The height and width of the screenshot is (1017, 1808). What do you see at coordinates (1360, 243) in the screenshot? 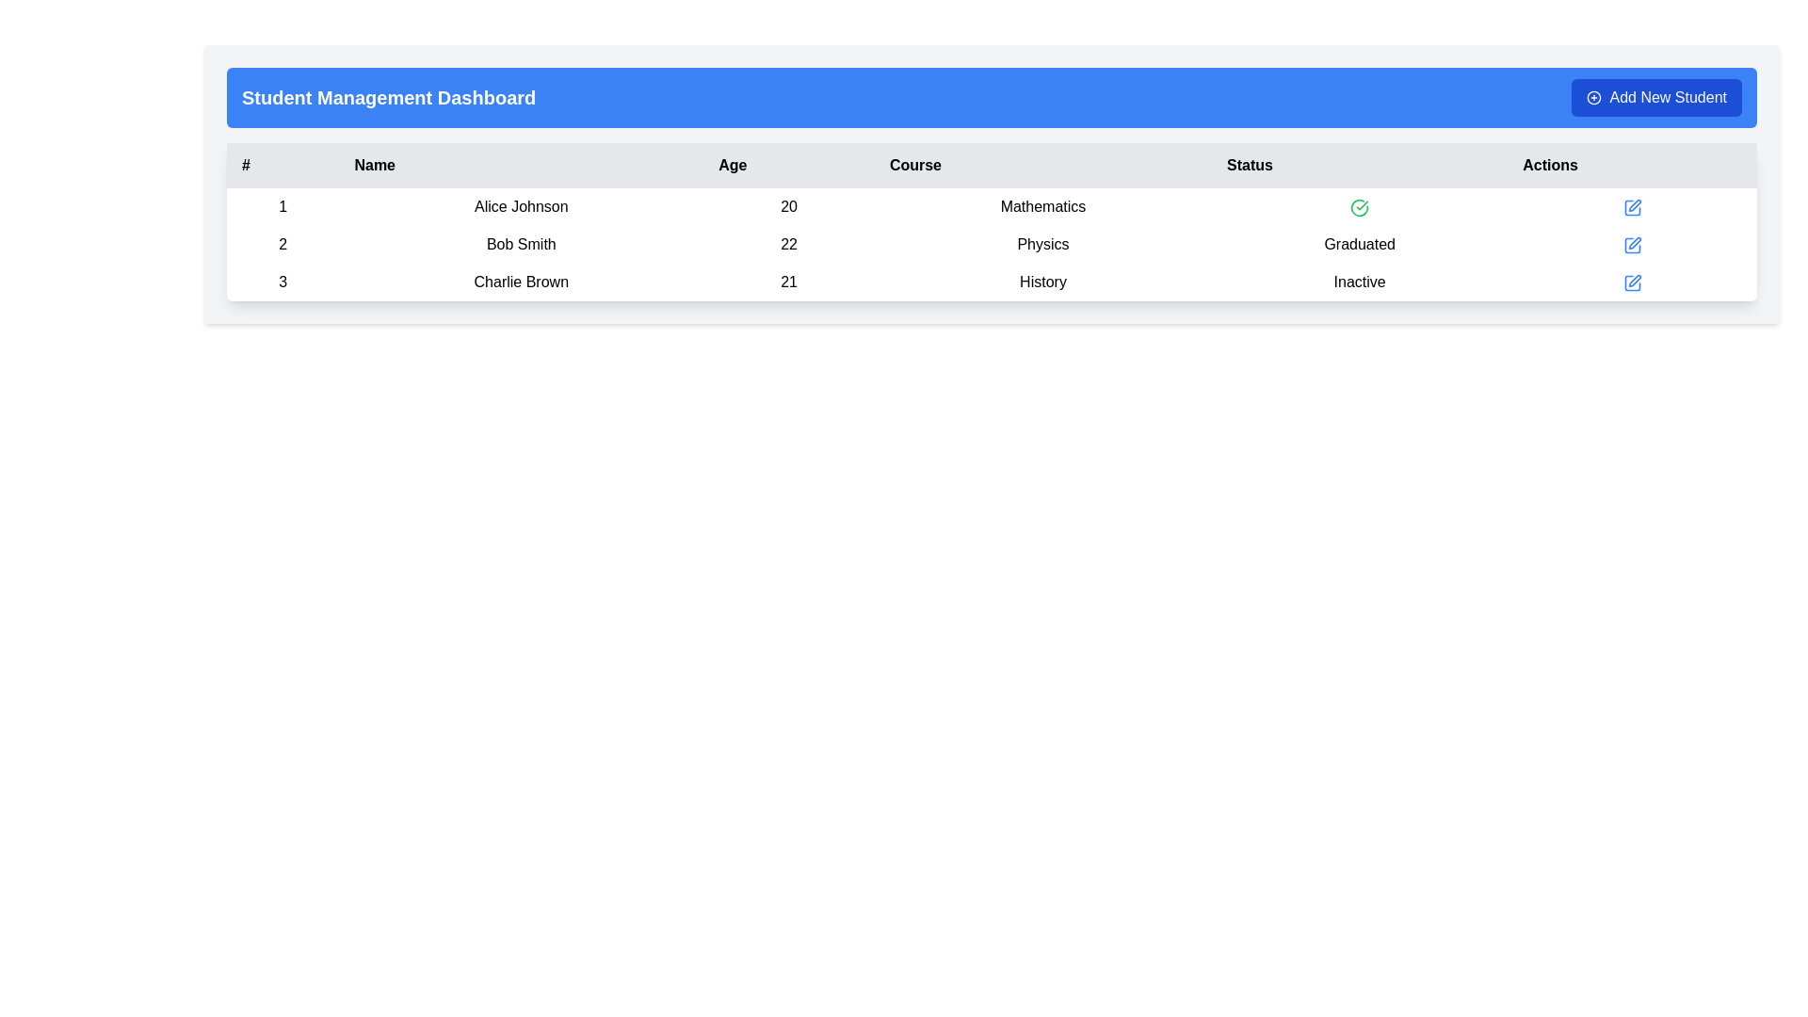
I see `the text label displaying 'Graduated' located in the 'Status' column for 'Bob Smith' in the table` at bounding box center [1360, 243].